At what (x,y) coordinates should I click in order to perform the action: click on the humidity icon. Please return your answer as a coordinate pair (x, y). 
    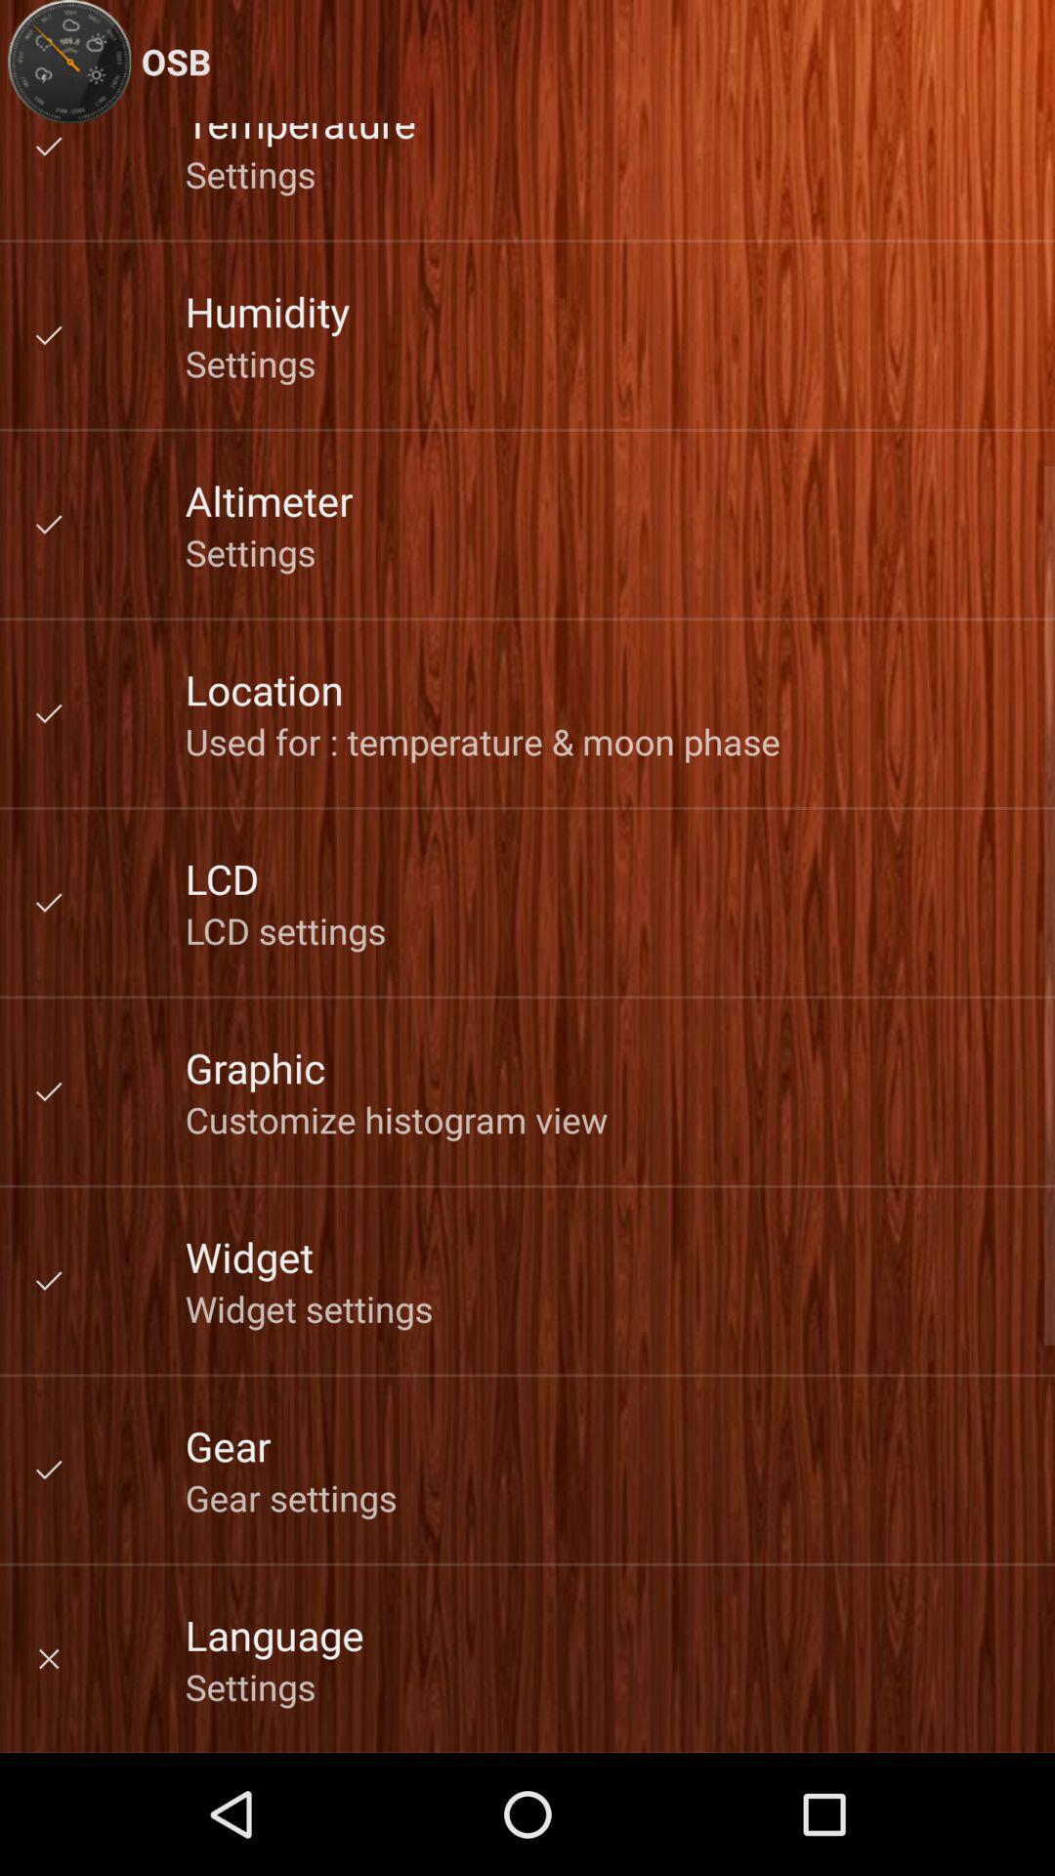
    Looking at the image, I should click on (268, 310).